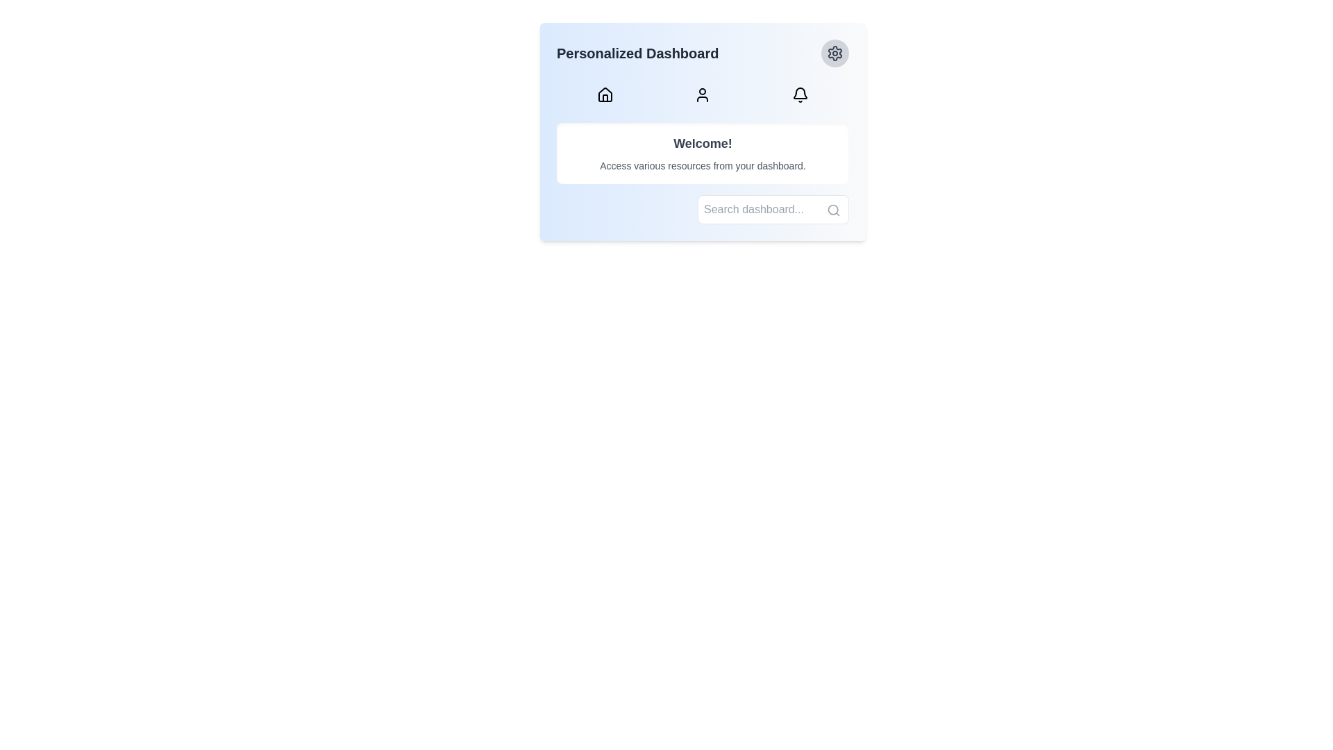 This screenshot has height=750, width=1333. Describe the element at coordinates (605, 94) in the screenshot. I see `the 'Home' icon button located at the top-left section of the dashboard` at that location.